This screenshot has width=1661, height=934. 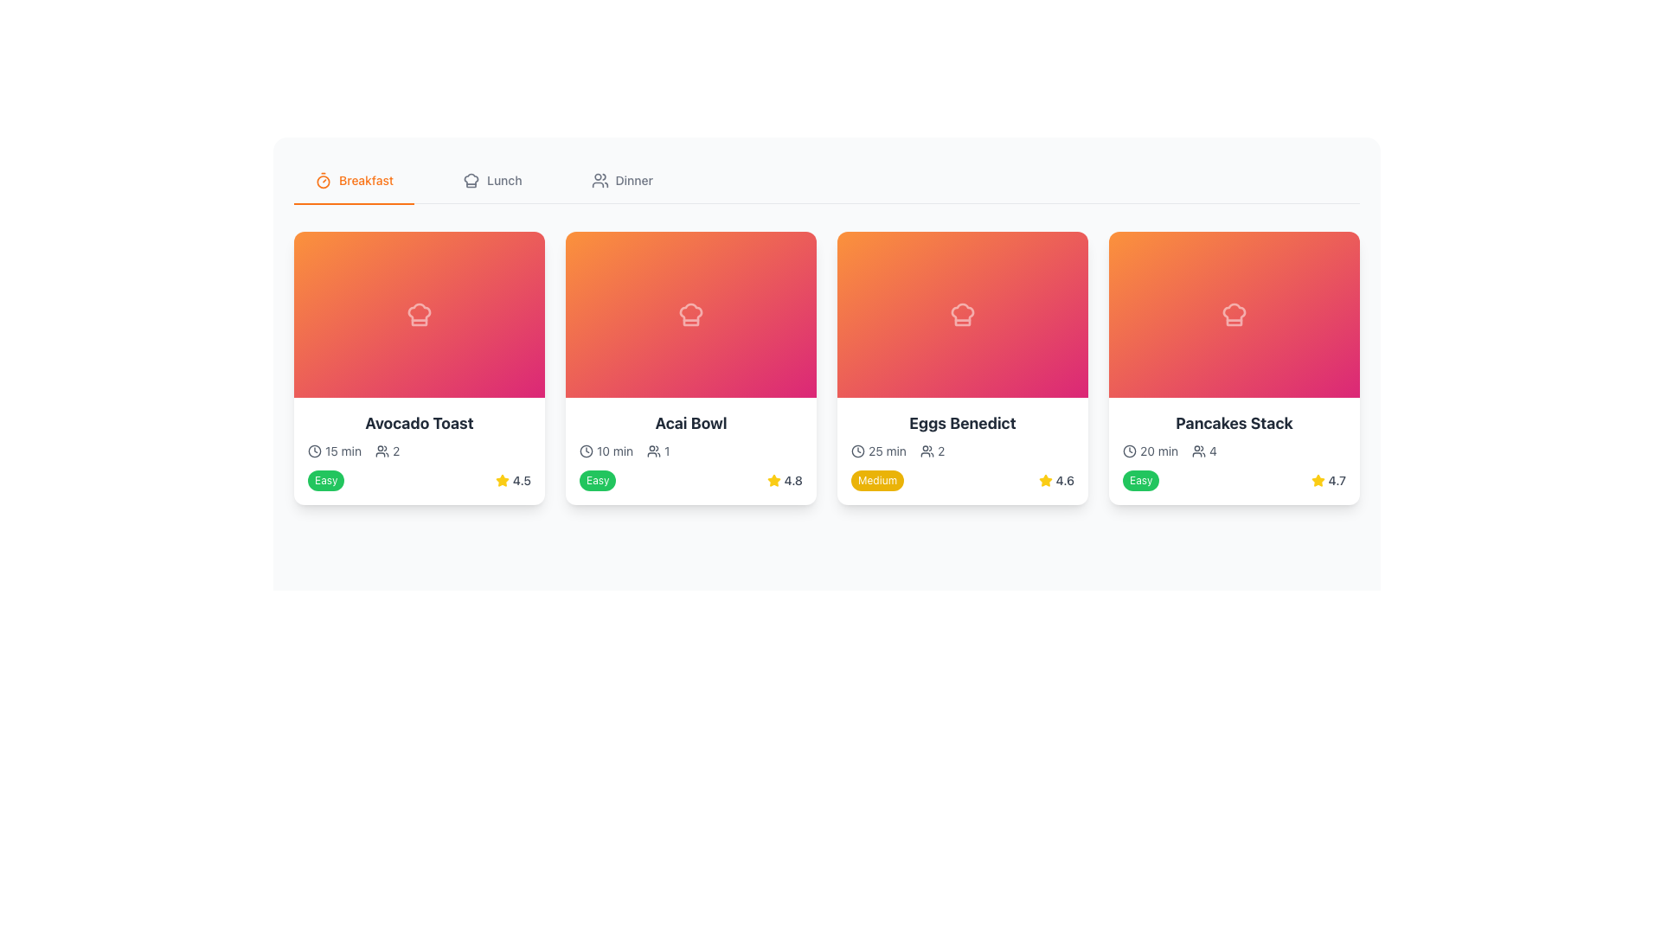 I want to click on the user/group icon located before the text label '4' in the card containing 'Pancakes Stack', so click(x=1198, y=450).